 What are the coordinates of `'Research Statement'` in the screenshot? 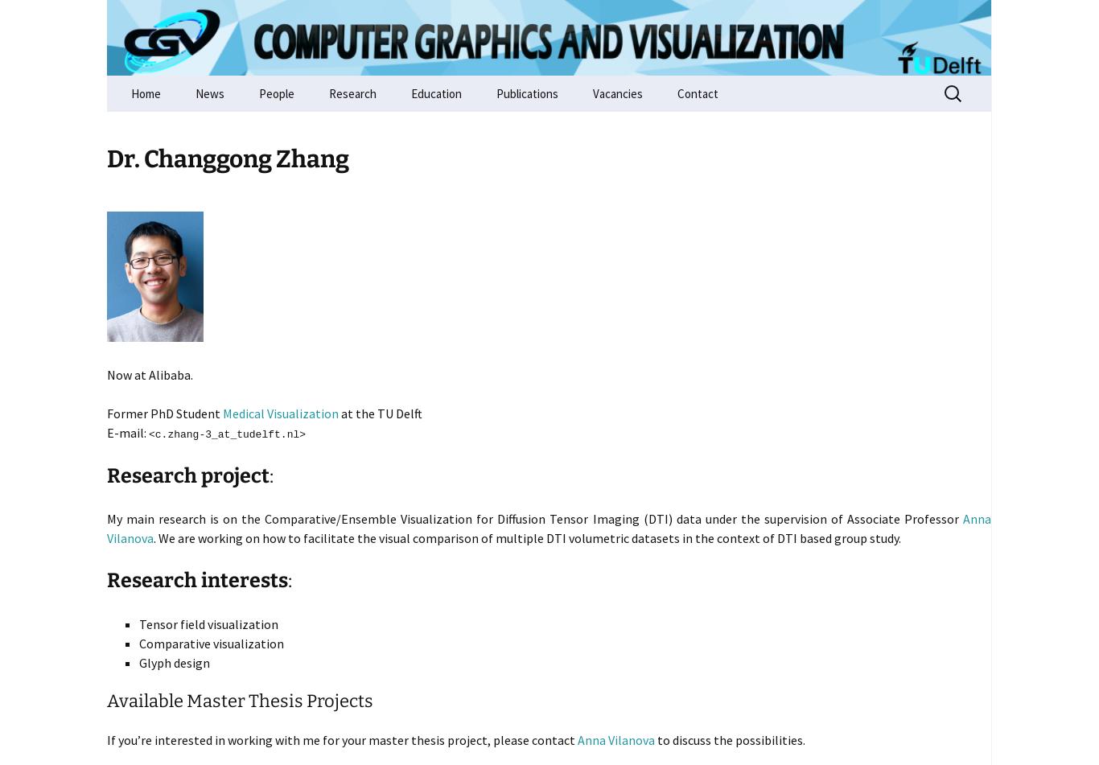 It's located at (381, 130).